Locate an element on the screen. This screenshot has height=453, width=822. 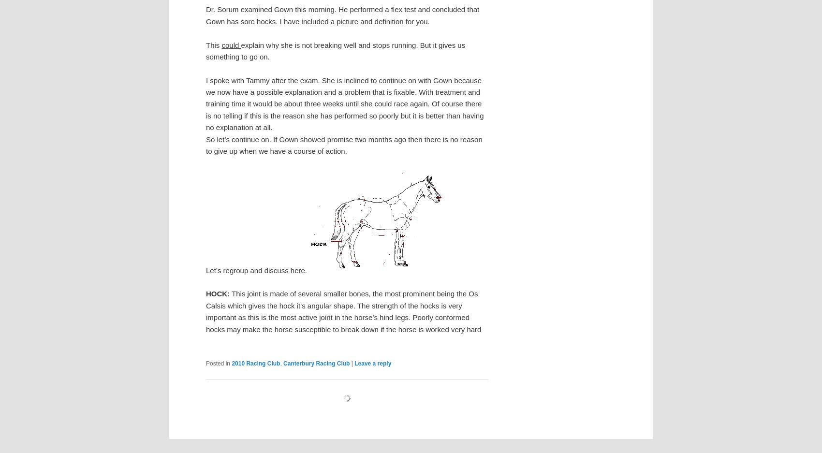
'Let’s regroup and discuss here.' is located at coordinates (256, 270).